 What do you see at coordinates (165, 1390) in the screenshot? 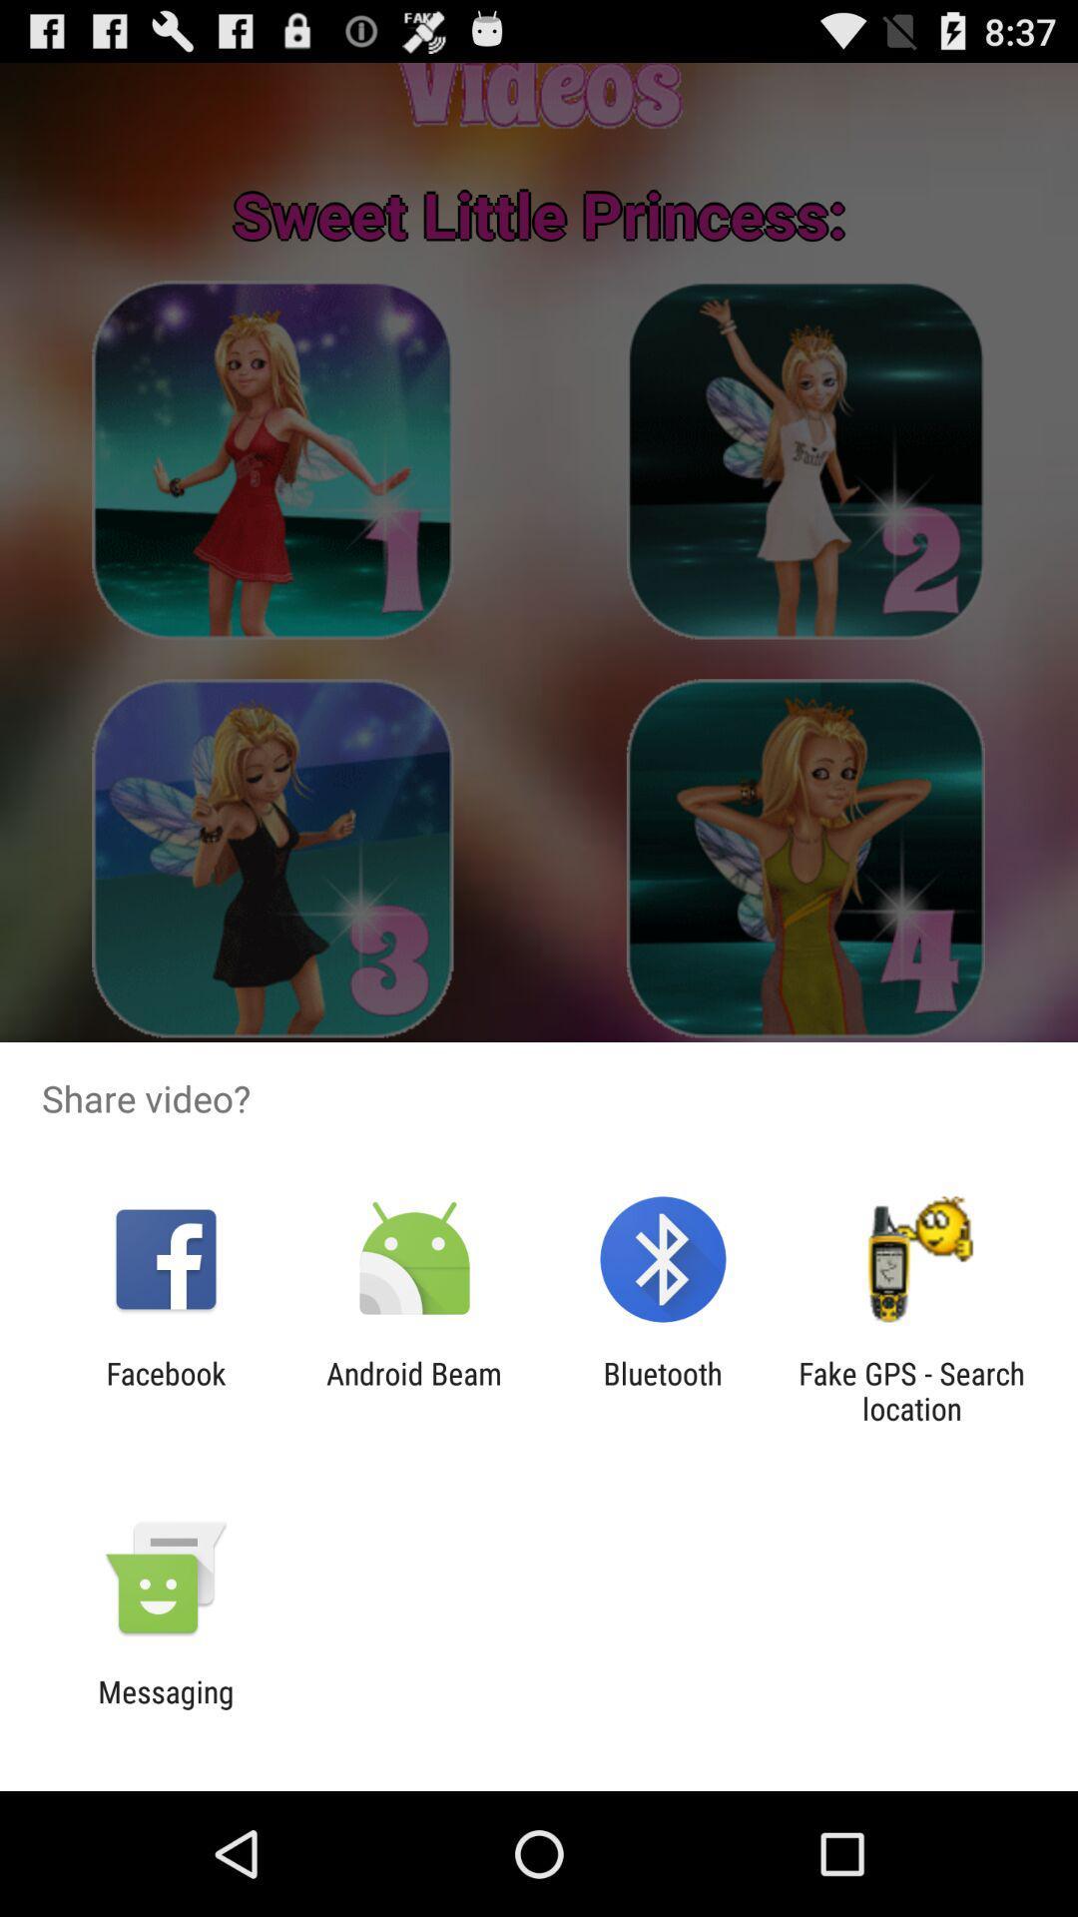
I see `the app to the left of android beam app` at bounding box center [165, 1390].